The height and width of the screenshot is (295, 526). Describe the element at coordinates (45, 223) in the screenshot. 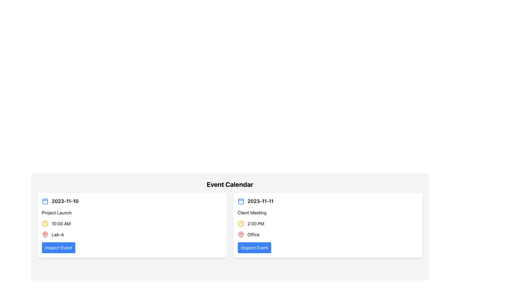

I see `the circular outline within the yellow-themed clock icon for the 'Project Launch' event information card on '2023-11-10', located above the time '10:00 AM'` at that location.